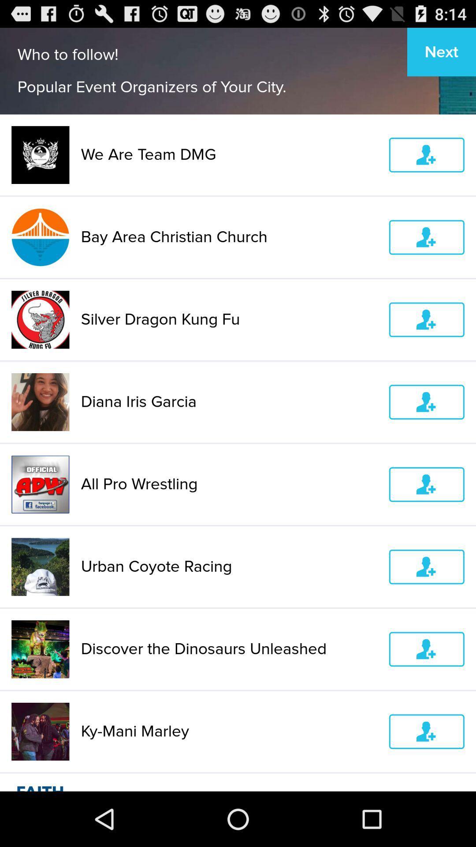  Describe the element at coordinates (229, 154) in the screenshot. I see `icon above bay area christian` at that location.